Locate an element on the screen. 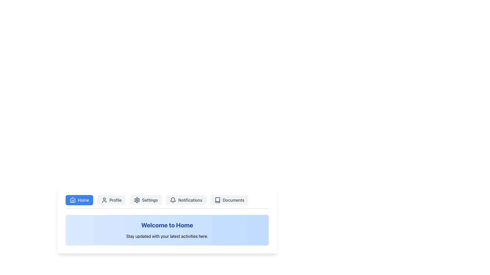 The height and width of the screenshot is (275, 490). the 'Notifications' button, which is the fourth button in the horizontal navigation bar is located at coordinates (186, 200).